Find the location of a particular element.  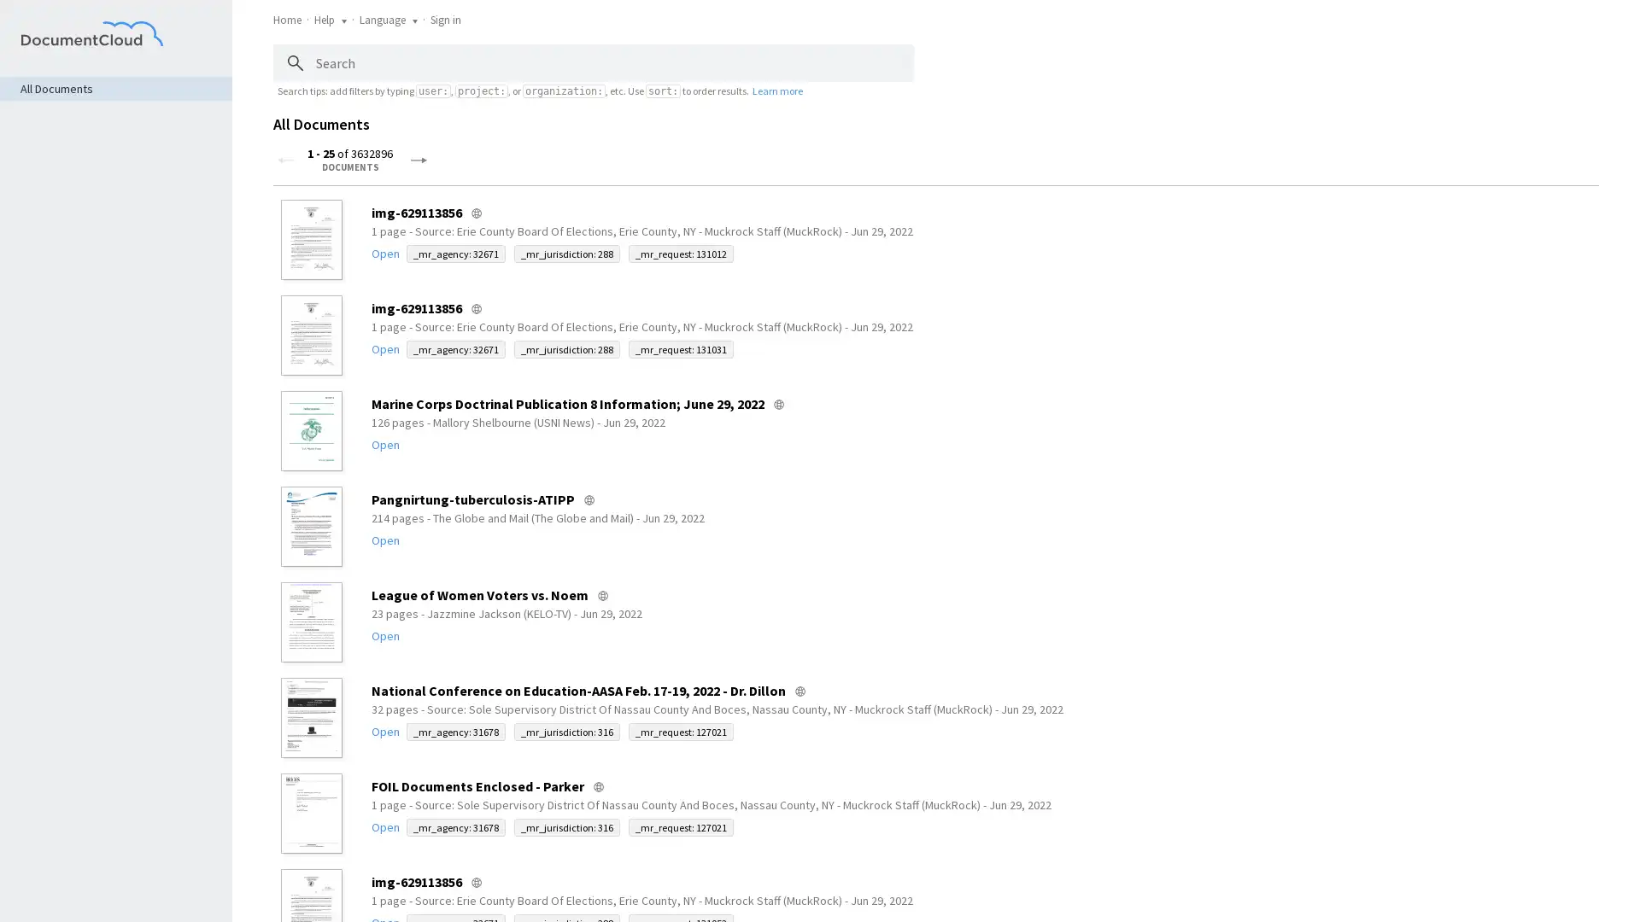

_mr_jurisdiction: 288 is located at coordinates (566, 347).